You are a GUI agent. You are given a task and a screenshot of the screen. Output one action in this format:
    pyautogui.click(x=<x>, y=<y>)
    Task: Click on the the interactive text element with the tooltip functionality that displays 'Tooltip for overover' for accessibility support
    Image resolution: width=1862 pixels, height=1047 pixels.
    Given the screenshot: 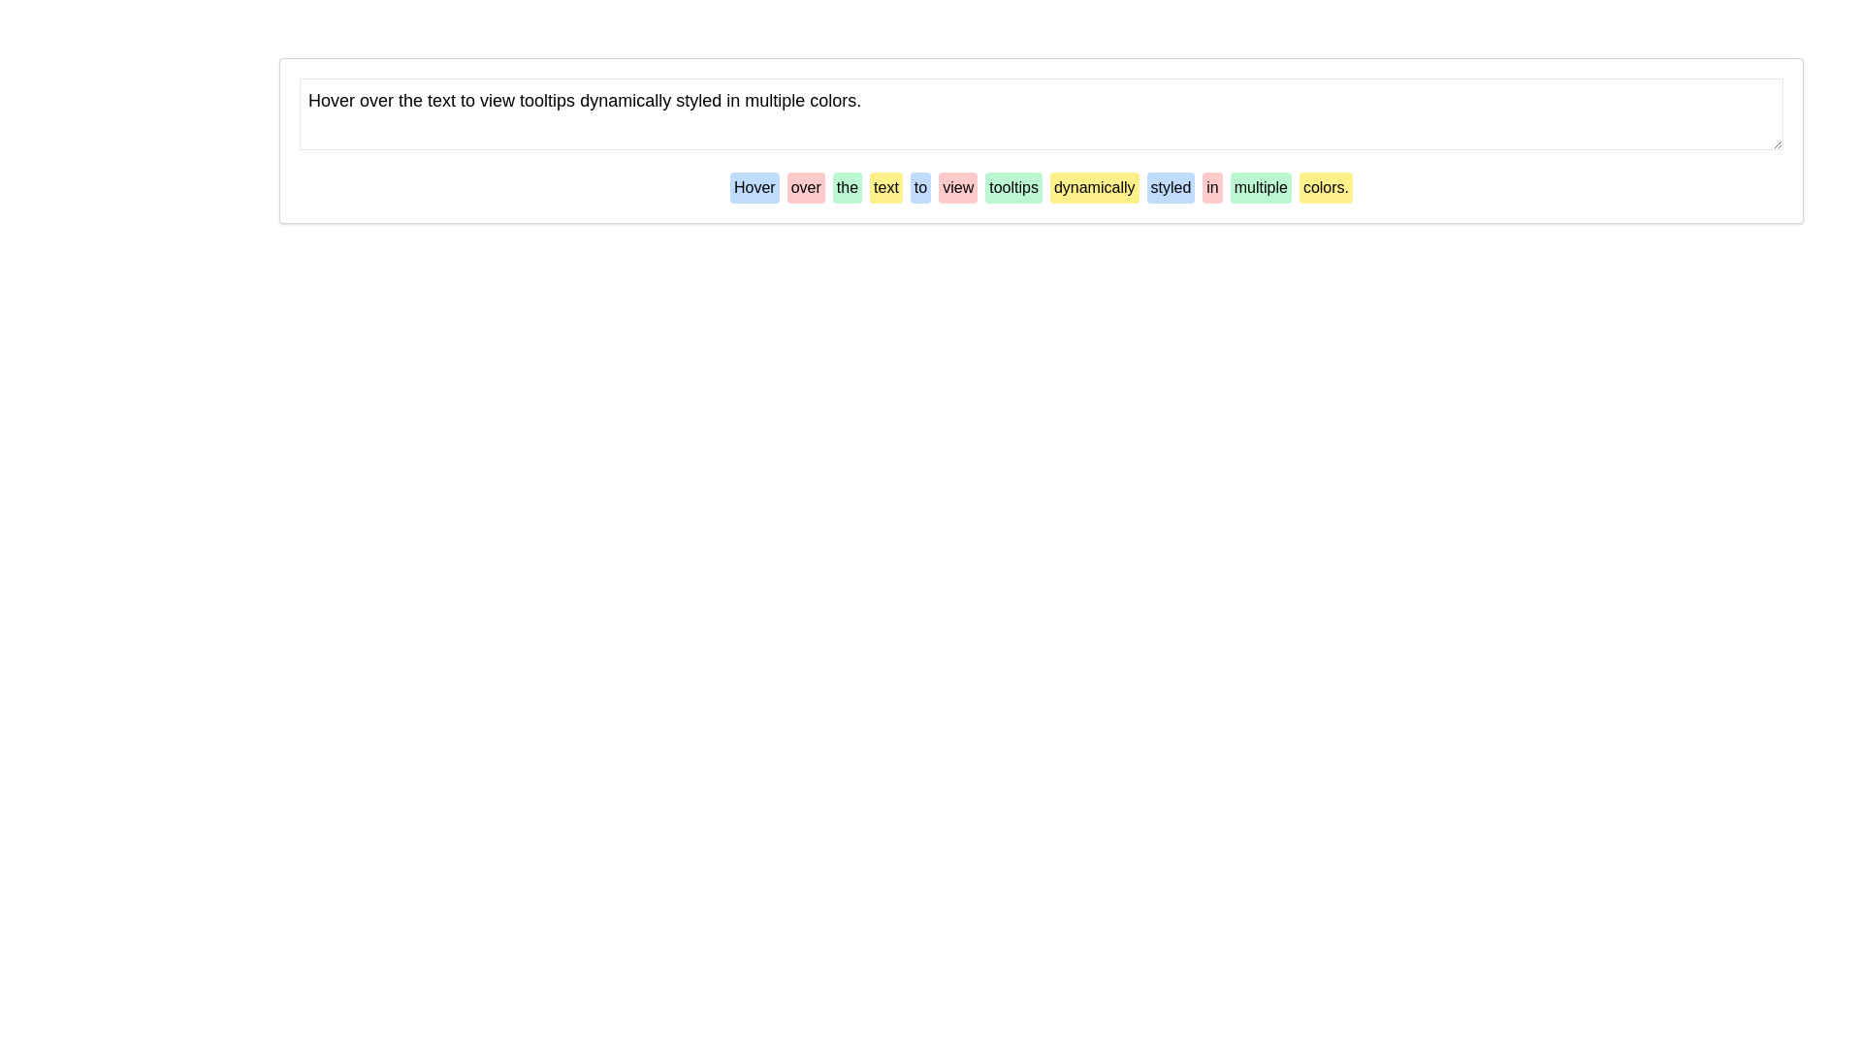 What is the action you would take?
    pyautogui.click(x=806, y=187)
    